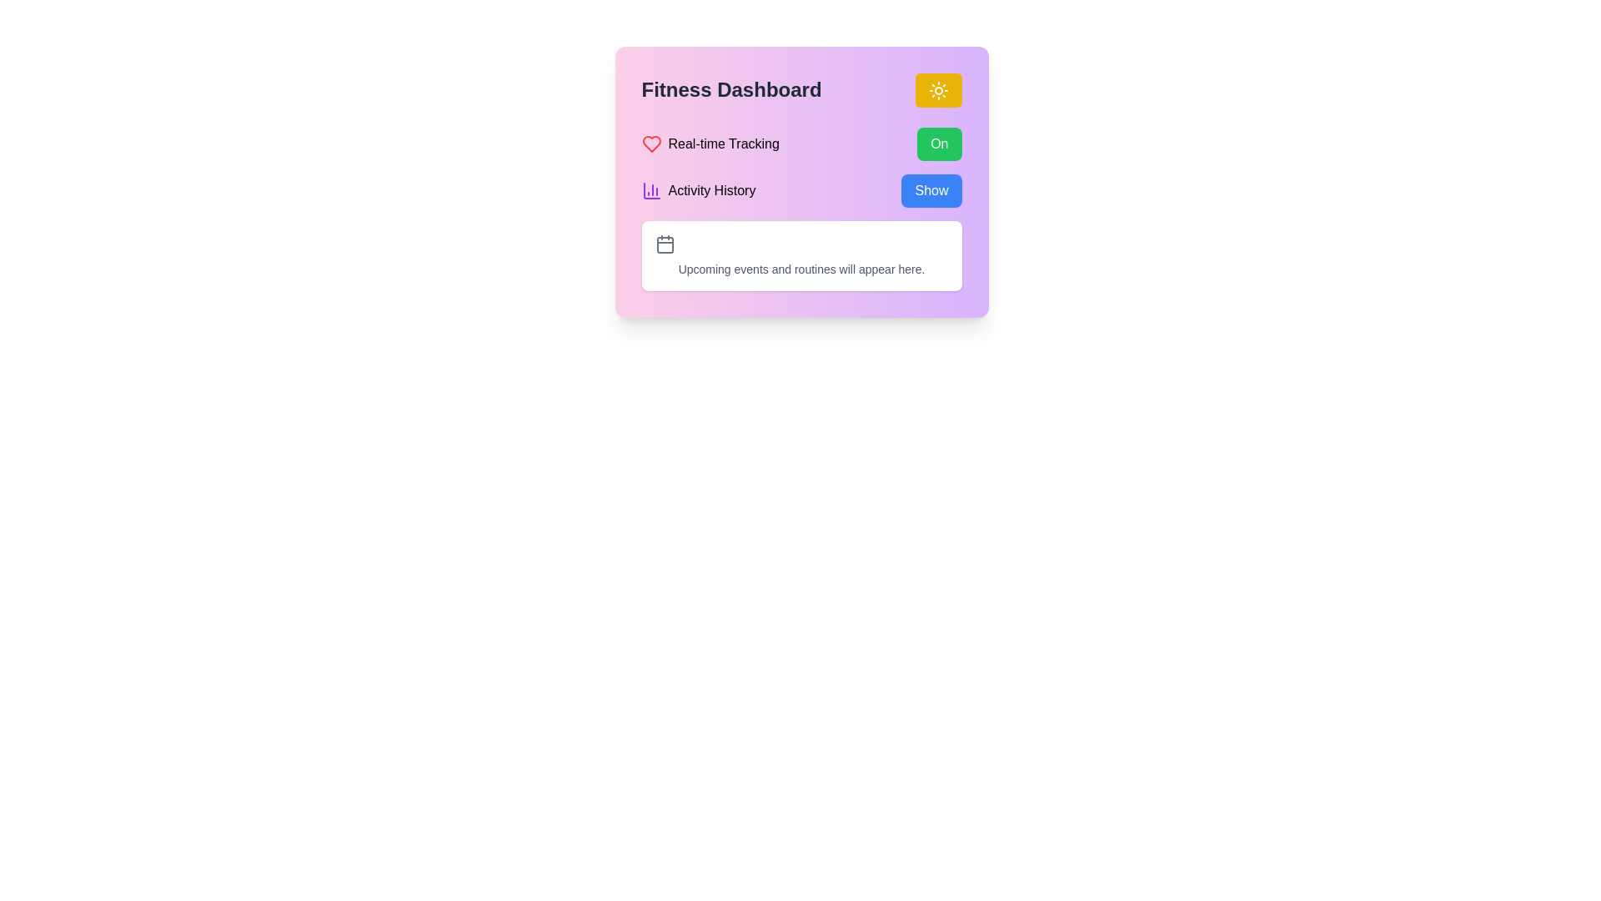 This screenshot has height=901, width=1601. Describe the element at coordinates (938, 90) in the screenshot. I see `the sun-shaped SVG icon located at the top-right corner of the 'Fitness Dashboard'` at that location.